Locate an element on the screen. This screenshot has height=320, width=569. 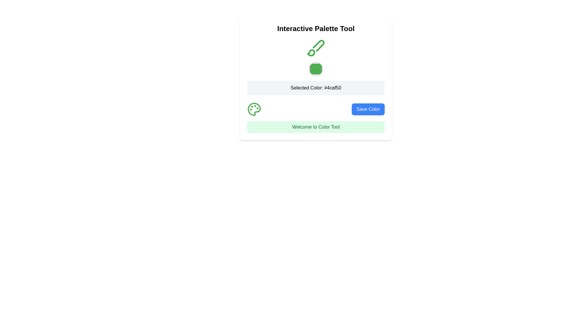
the circular color picker displaying the green color '#4caf50' is located at coordinates (315, 66).